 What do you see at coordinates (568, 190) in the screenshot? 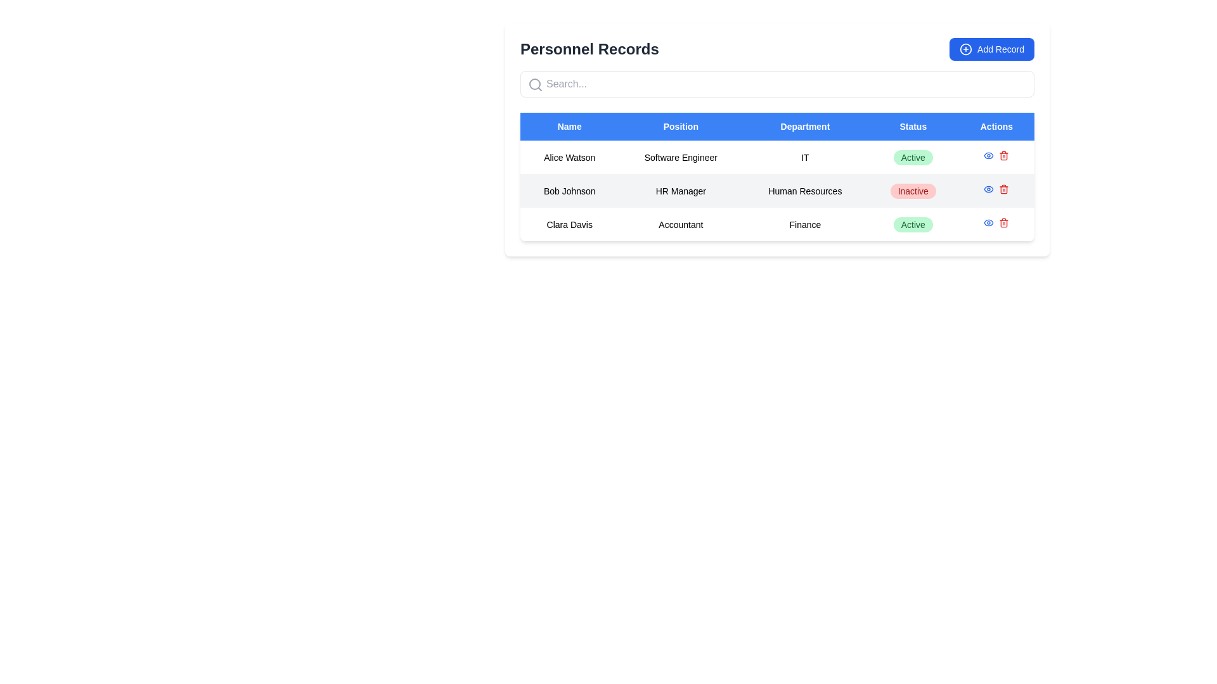
I see `the table cell containing the text 'Bob Johnson'` at bounding box center [568, 190].